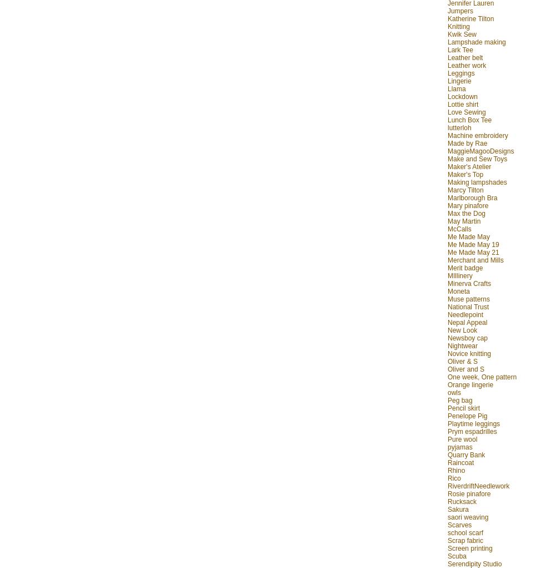 The height and width of the screenshot is (568, 545). What do you see at coordinates (469, 282) in the screenshot?
I see `'Minerva Crafts'` at bounding box center [469, 282].